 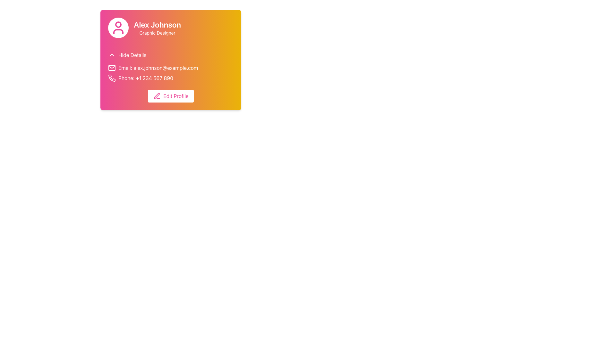 What do you see at coordinates (112, 78) in the screenshot?
I see `the phone icon with a curved handset design, which is located to the left of the phone number text ('Phone: +1 234 567 890')` at bounding box center [112, 78].